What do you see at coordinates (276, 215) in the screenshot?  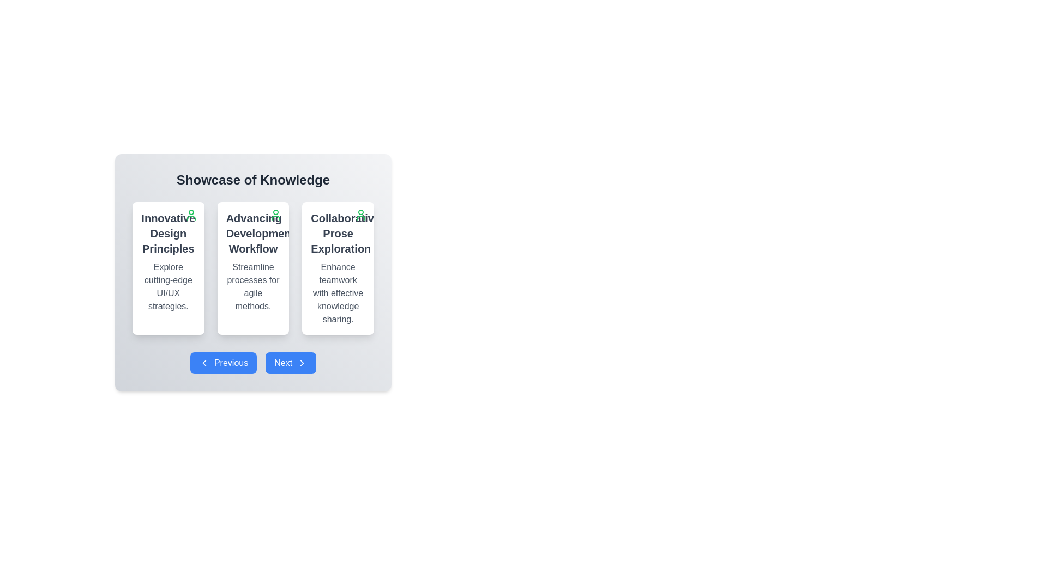 I see `the user profile icon located in the upper-right corner of the 'Advancing Development Workflow' card, which has a simple and minimalistic green design` at bounding box center [276, 215].